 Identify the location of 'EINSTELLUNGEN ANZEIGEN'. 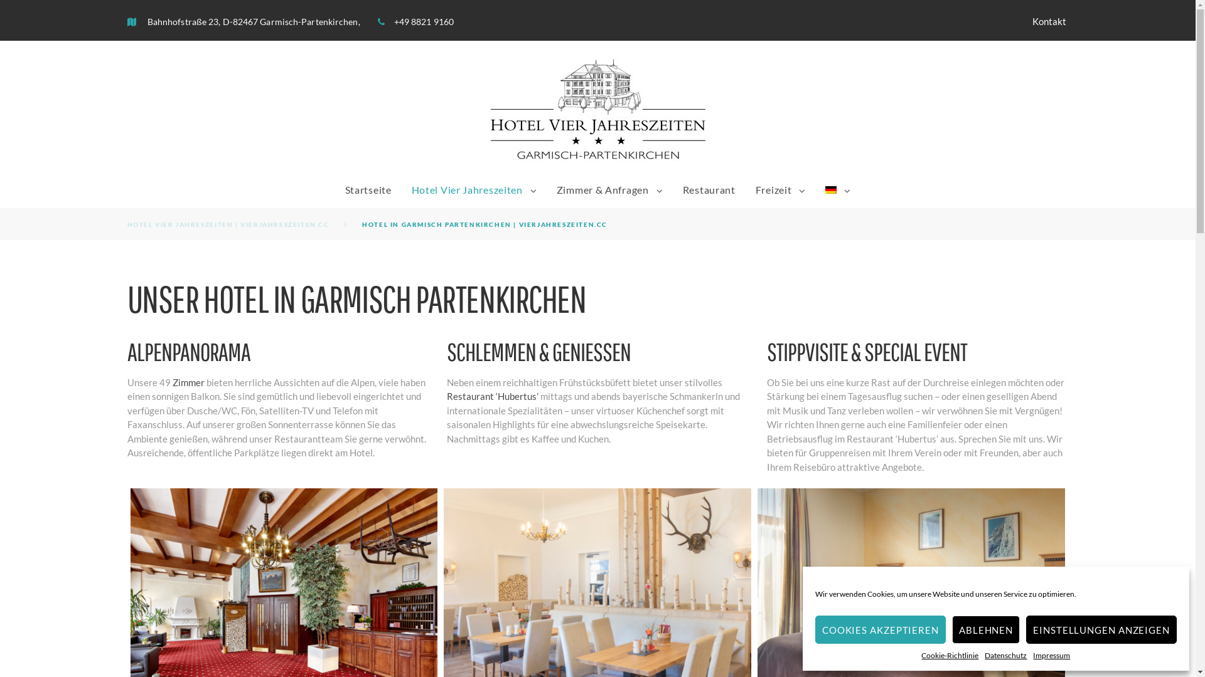
(1101, 629).